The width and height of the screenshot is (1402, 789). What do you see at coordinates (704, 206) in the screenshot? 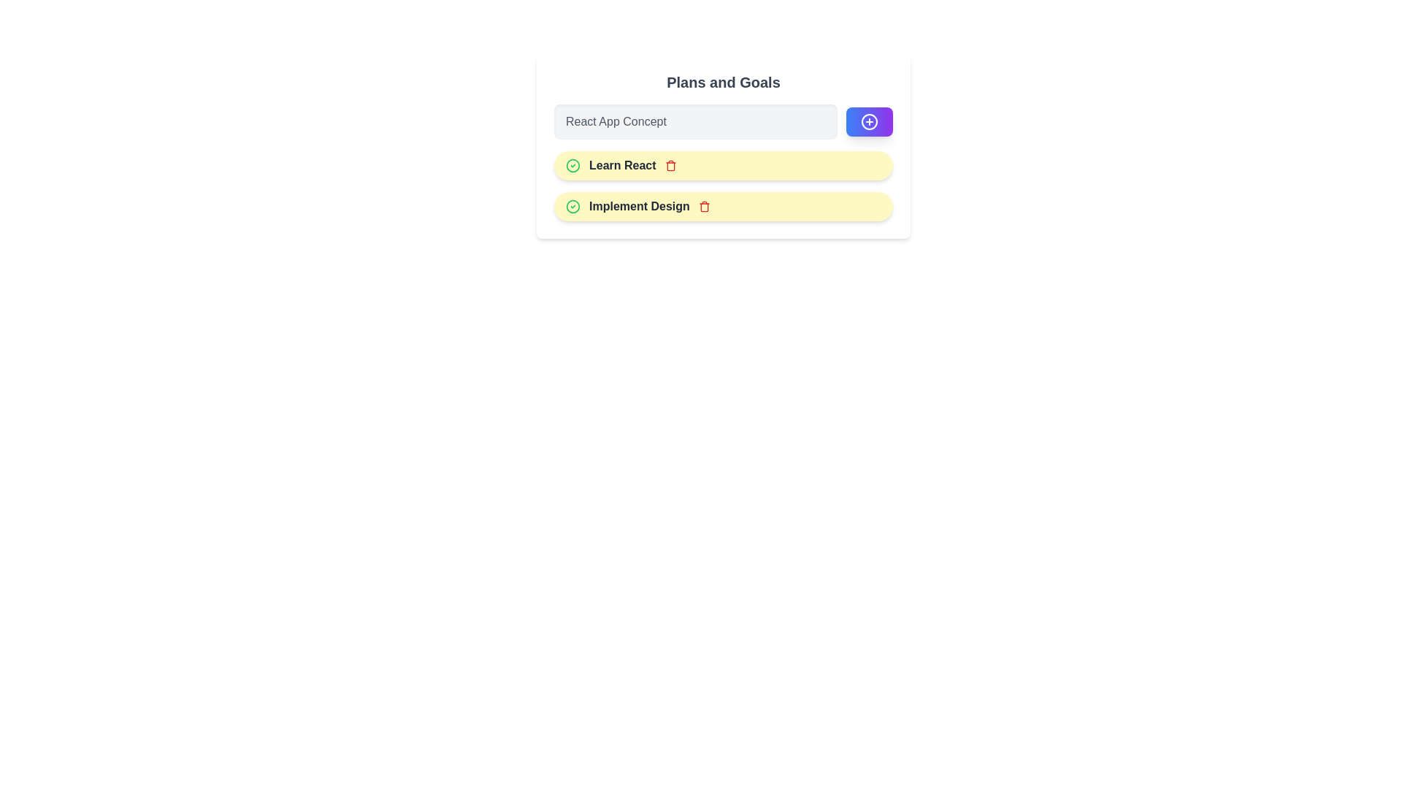
I see `the trash icon next to the task Implement Design to remove it from the list` at bounding box center [704, 206].